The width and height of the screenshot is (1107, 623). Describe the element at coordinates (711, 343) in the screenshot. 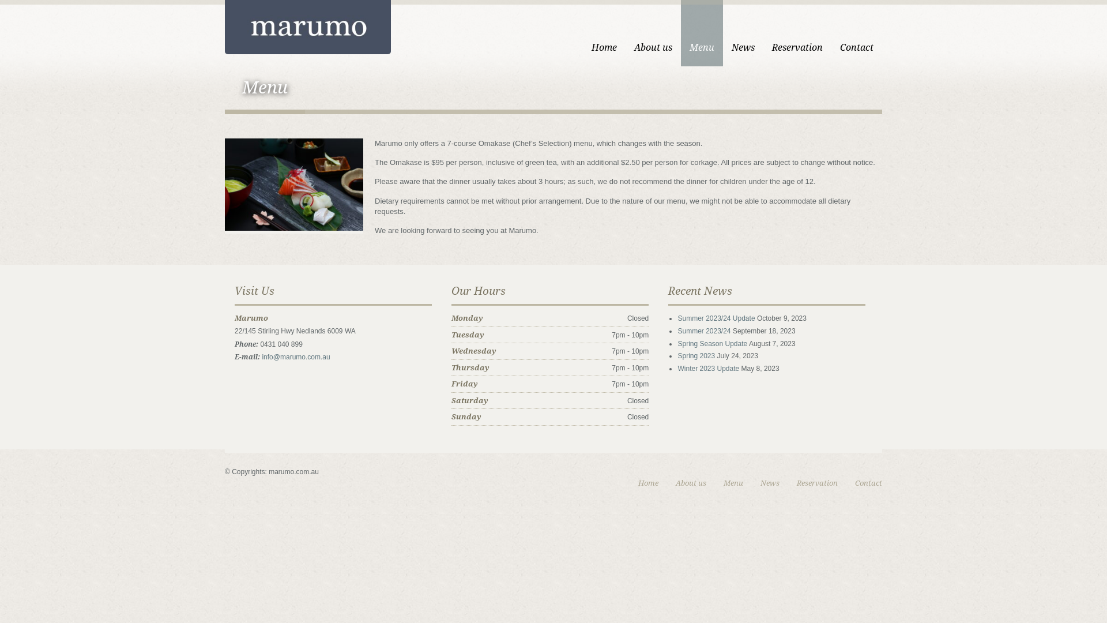

I see `'Spring Season Update'` at that location.